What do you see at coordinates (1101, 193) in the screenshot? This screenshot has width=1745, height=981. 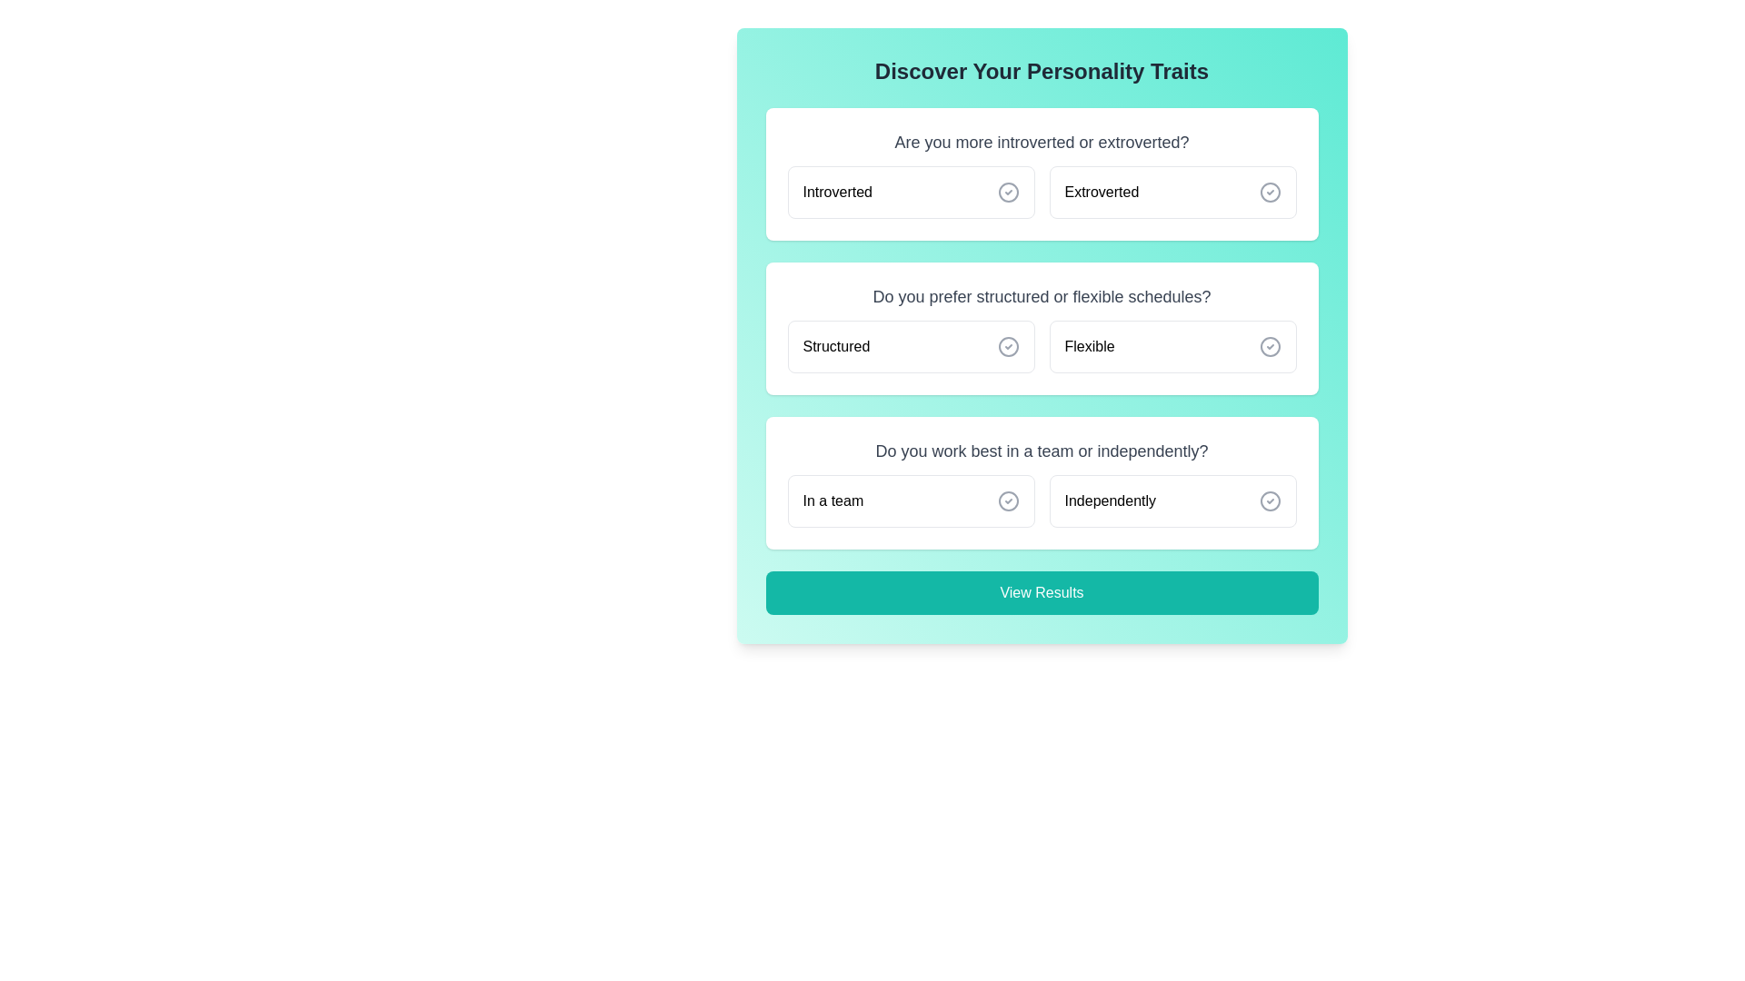 I see `the text label indicating the preference for extroversion, located to the right of the 'Introverted' option in the upper section of the form` at bounding box center [1101, 193].